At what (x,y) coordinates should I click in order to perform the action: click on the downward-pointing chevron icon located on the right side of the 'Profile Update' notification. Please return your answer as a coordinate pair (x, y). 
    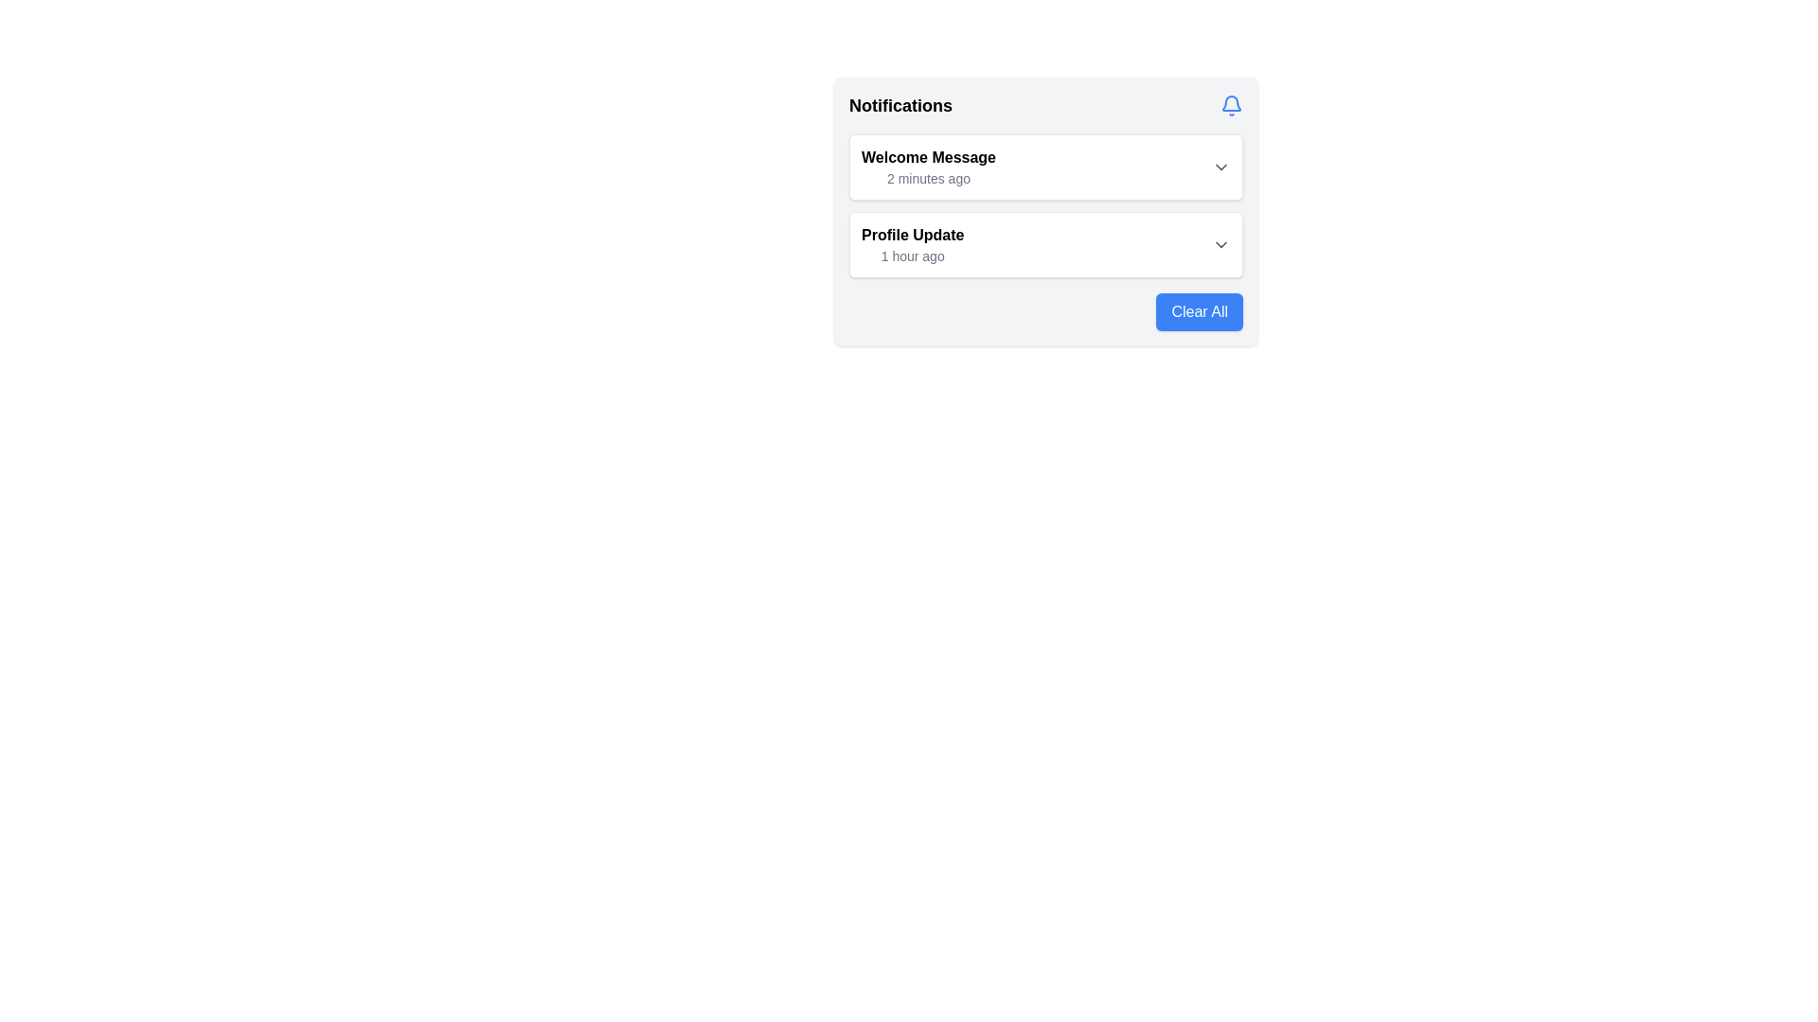
    Looking at the image, I should click on (1221, 243).